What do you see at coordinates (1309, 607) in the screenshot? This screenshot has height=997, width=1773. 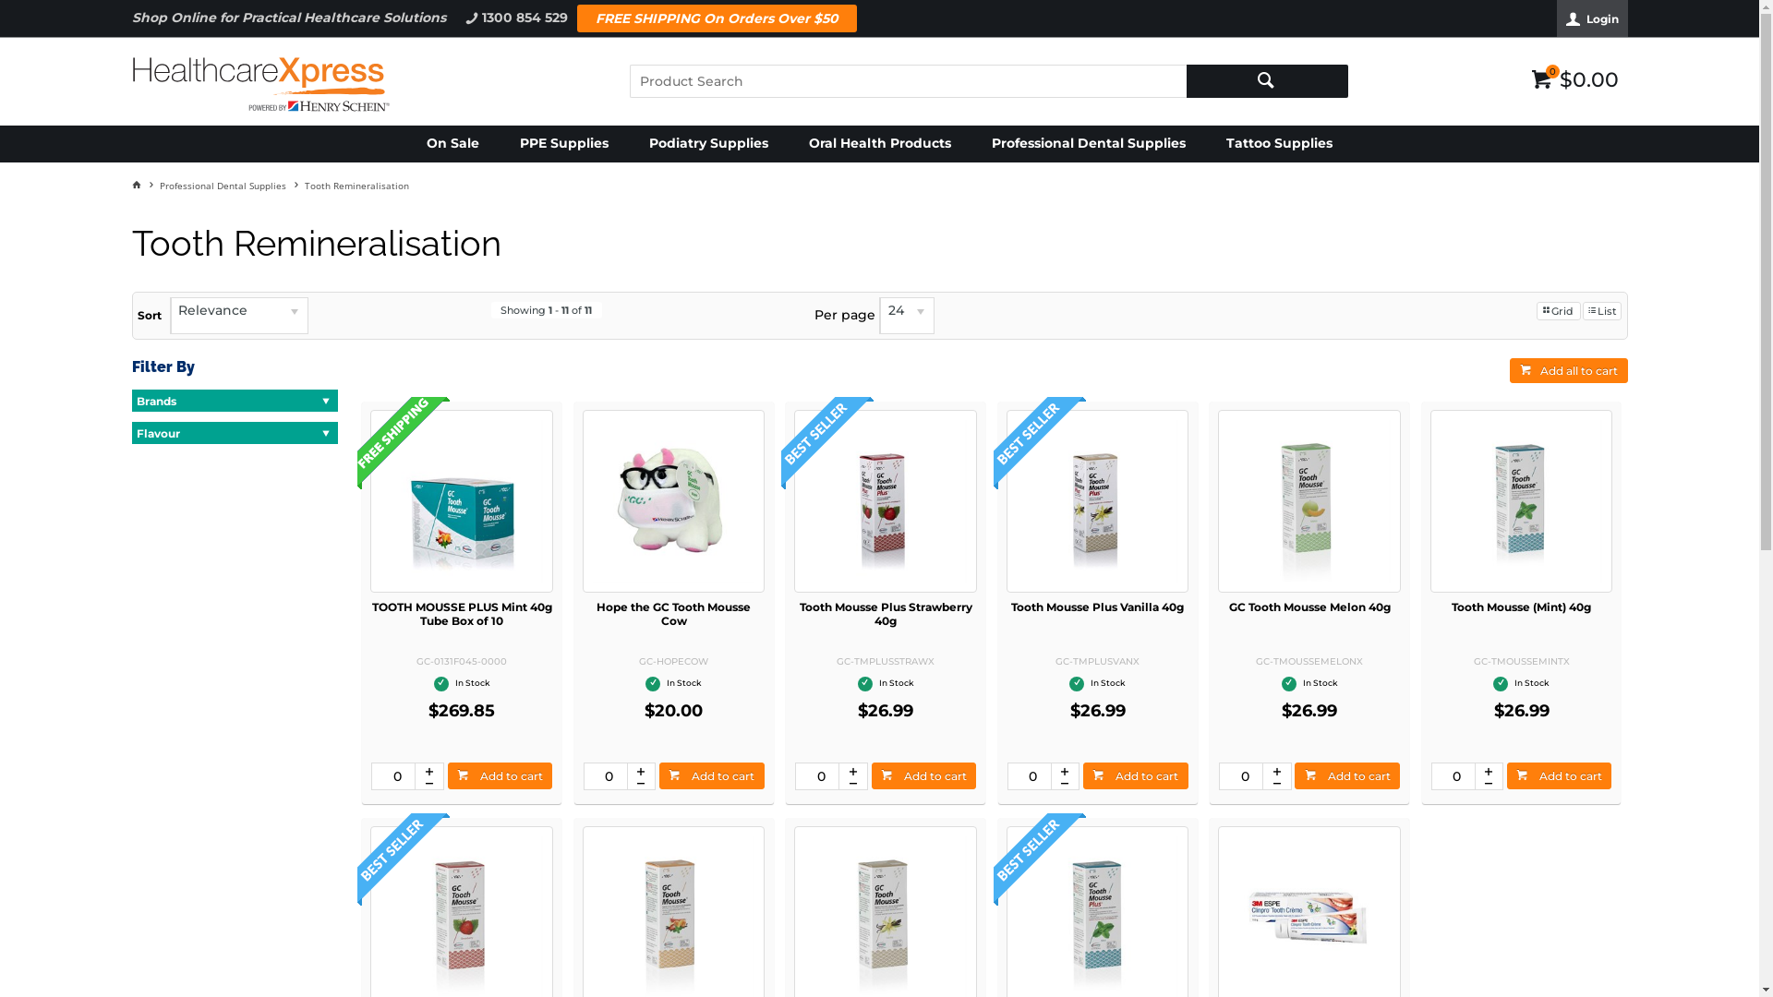 I see `'GC Tooth Mousse Melon 40g'` at bounding box center [1309, 607].